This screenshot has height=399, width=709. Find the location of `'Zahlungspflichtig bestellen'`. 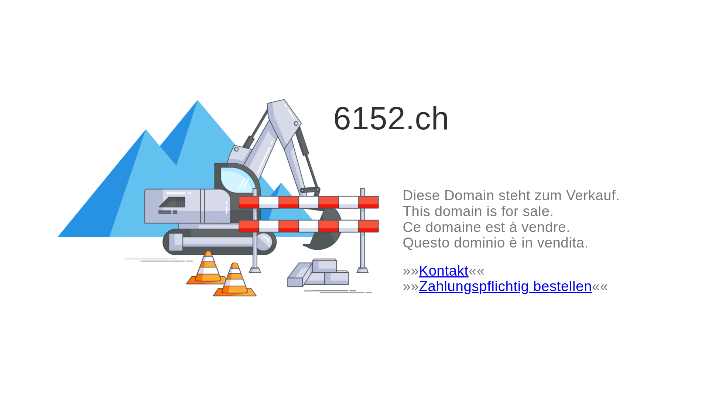

'Zahlungspflichtig bestellen' is located at coordinates (505, 286).